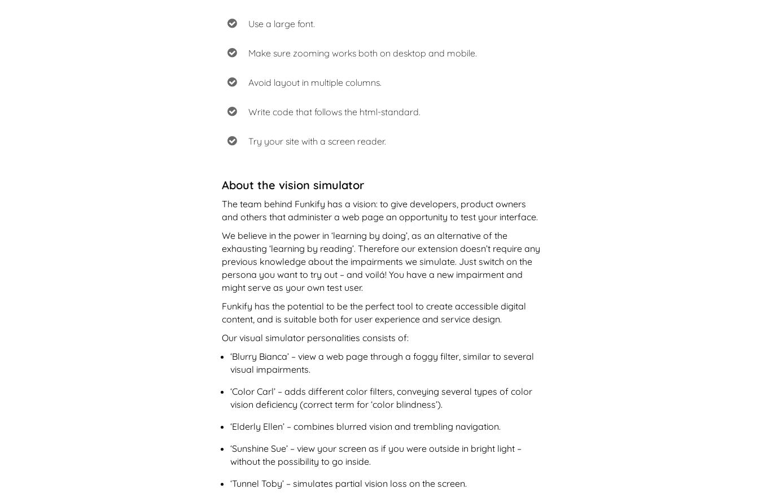 The width and height of the screenshot is (762, 497). Describe the element at coordinates (334, 111) in the screenshot. I see `'Write code that follows the html-standard.'` at that location.